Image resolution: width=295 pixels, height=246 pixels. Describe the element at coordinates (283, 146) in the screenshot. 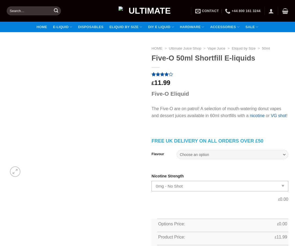

I see `'Clear'` at that location.